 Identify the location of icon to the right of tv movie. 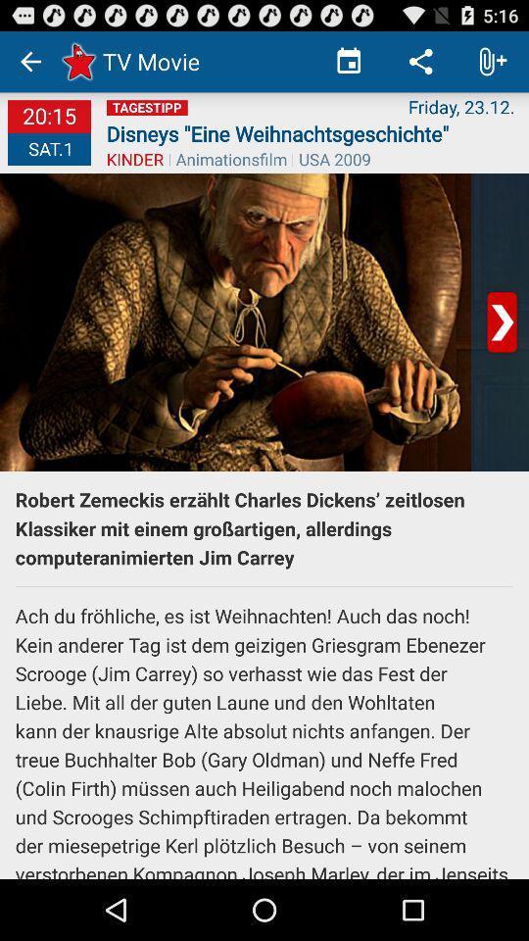
(348, 61).